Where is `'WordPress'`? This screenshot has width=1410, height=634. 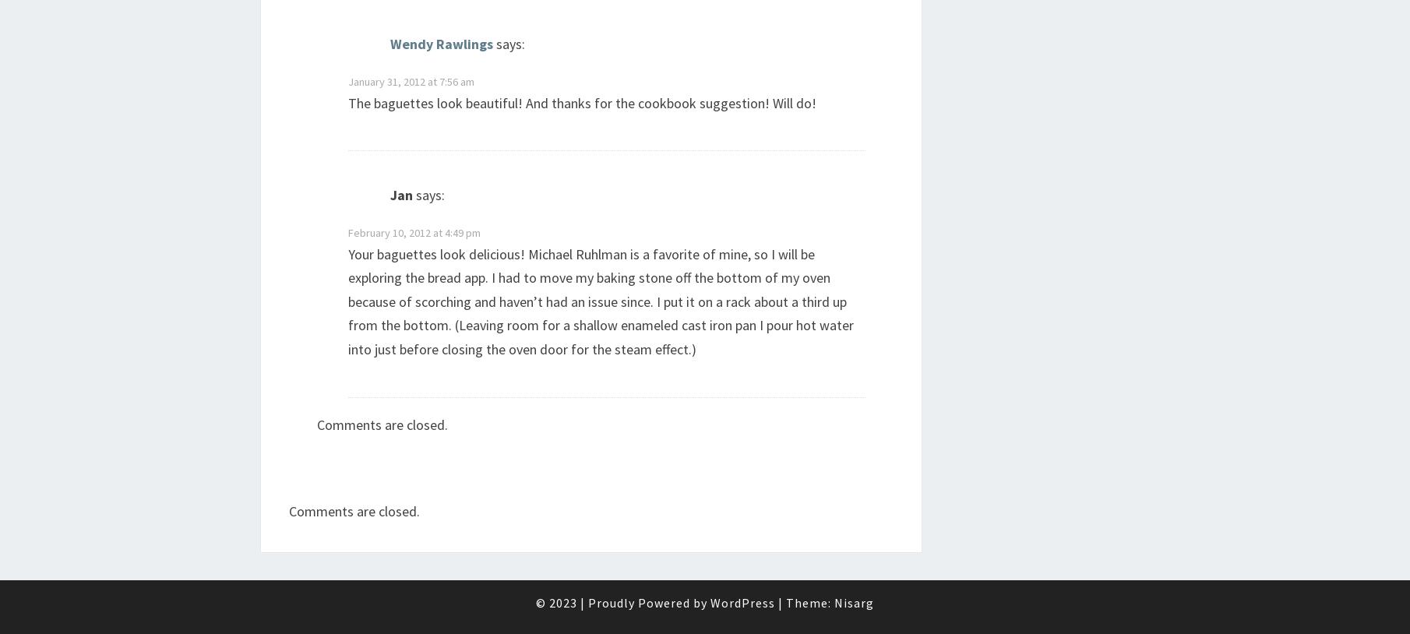 'WordPress' is located at coordinates (742, 601).